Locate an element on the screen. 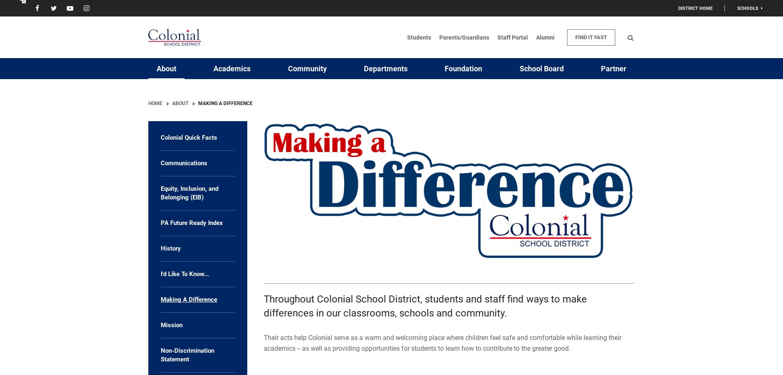  'Community' is located at coordinates (306, 68).